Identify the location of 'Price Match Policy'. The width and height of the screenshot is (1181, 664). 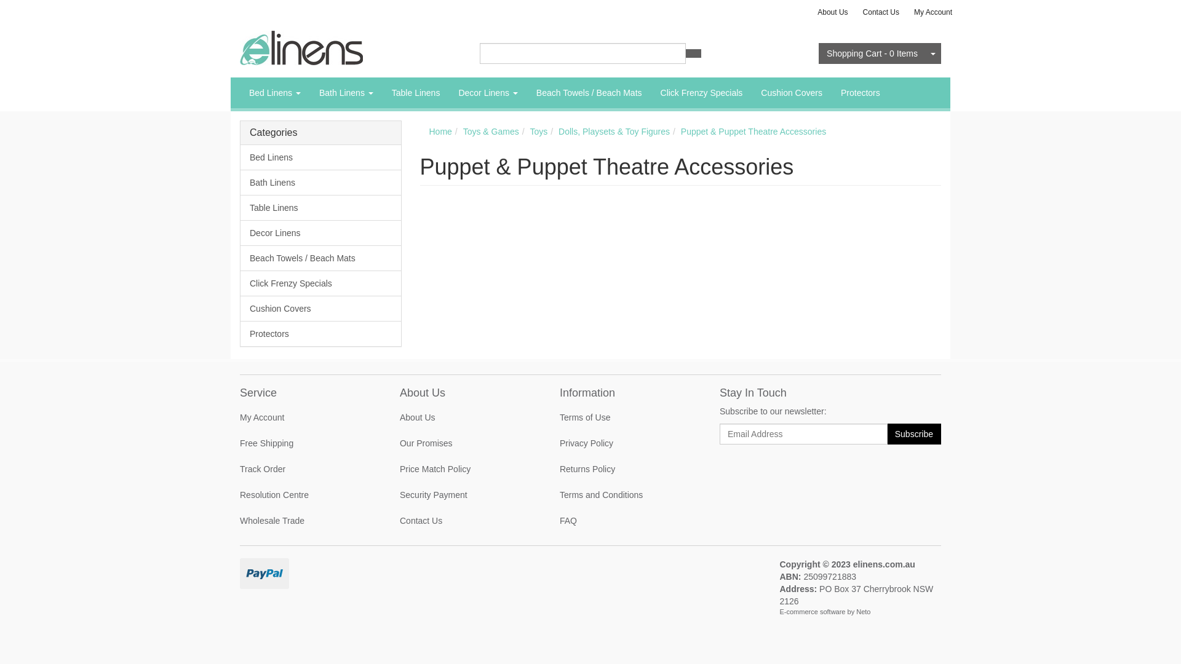
(465, 469).